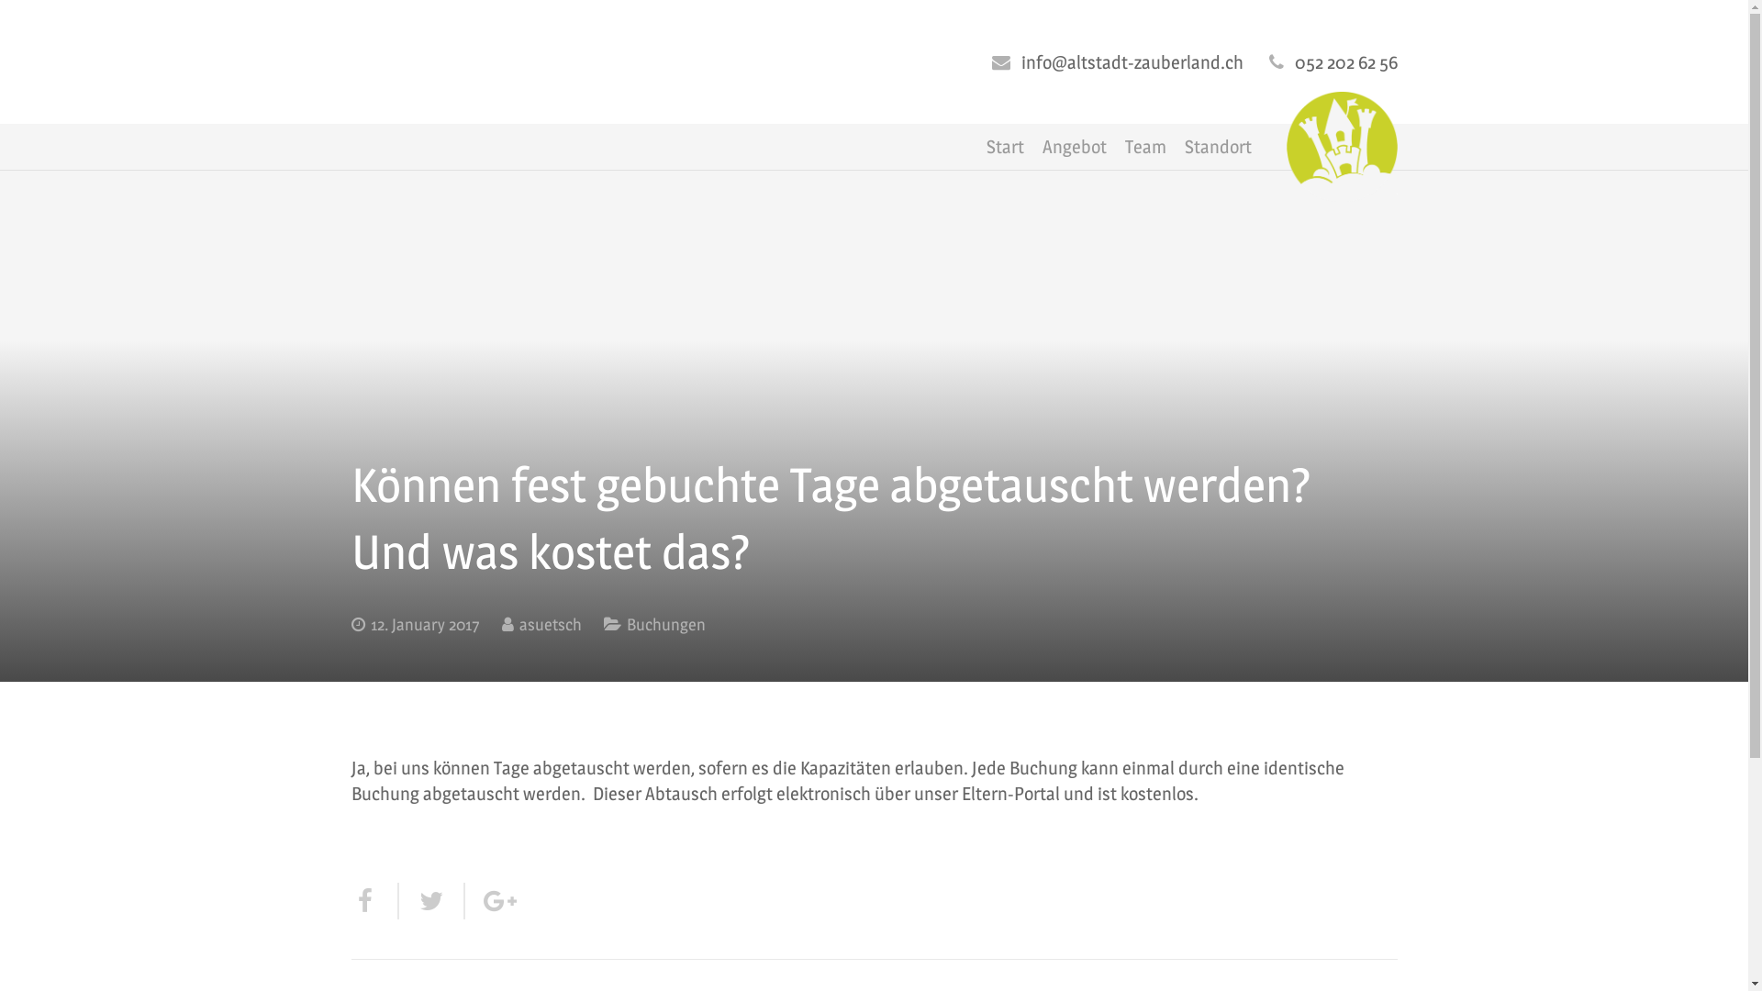 The image size is (1762, 991). Describe the element at coordinates (1020, 61) in the screenshot. I see `'info@altstadt-zauberland.ch'` at that location.